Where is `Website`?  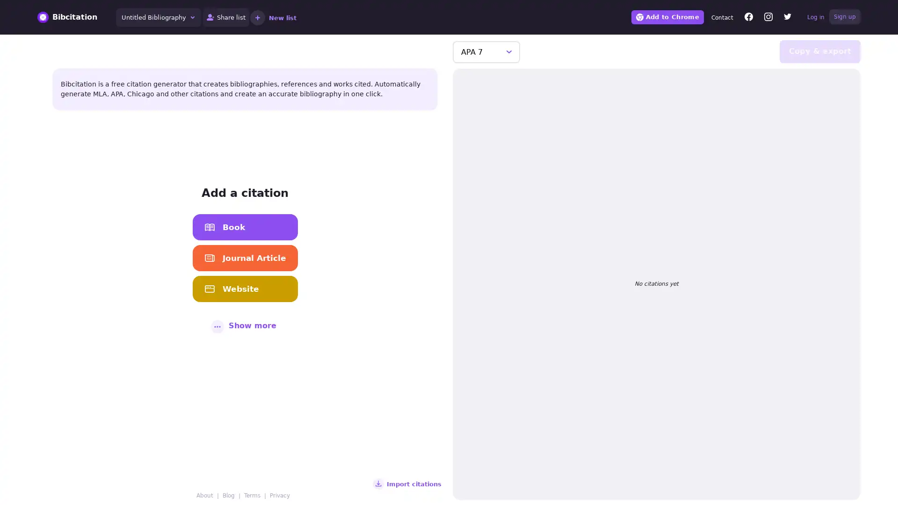
Website is located at coordinates (245, 288).